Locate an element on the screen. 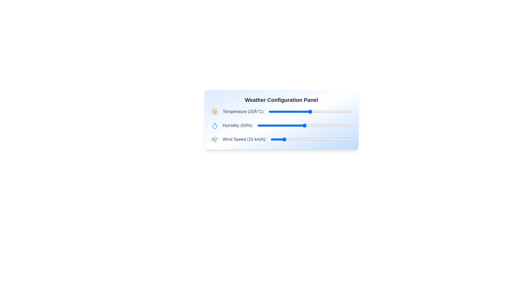 This screenshot has height=288, width=513. the humidity slider to 53% is located at coordinates (308, 125).